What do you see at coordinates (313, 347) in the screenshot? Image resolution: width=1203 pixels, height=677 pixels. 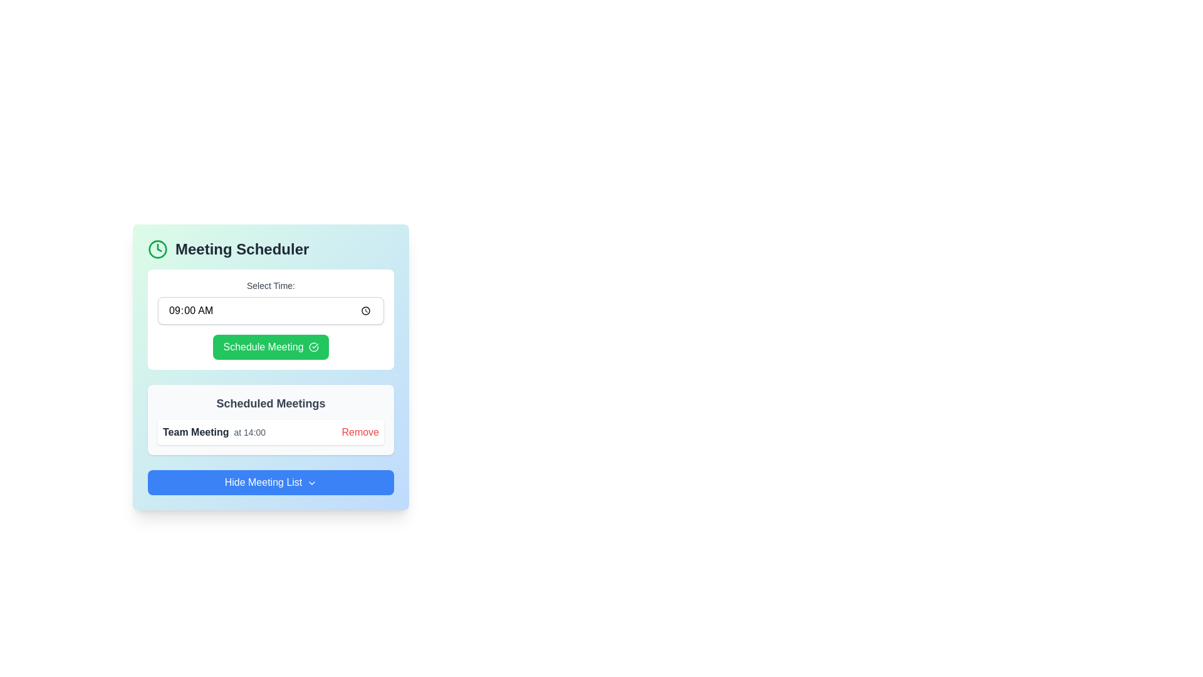 I see `the circular checkmark icon located to the right of the 'Schedule Meeting' text within the 'Schedule Meeting' button` at bounding box center [313, 347].